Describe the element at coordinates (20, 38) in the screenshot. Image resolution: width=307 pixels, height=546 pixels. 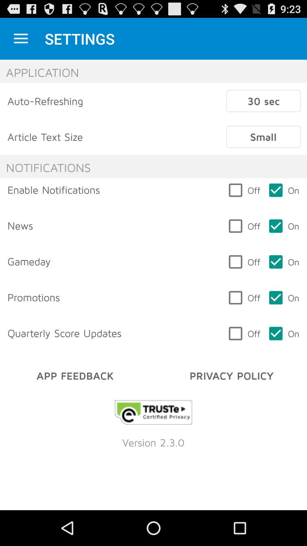
I see `open menu` at that location.